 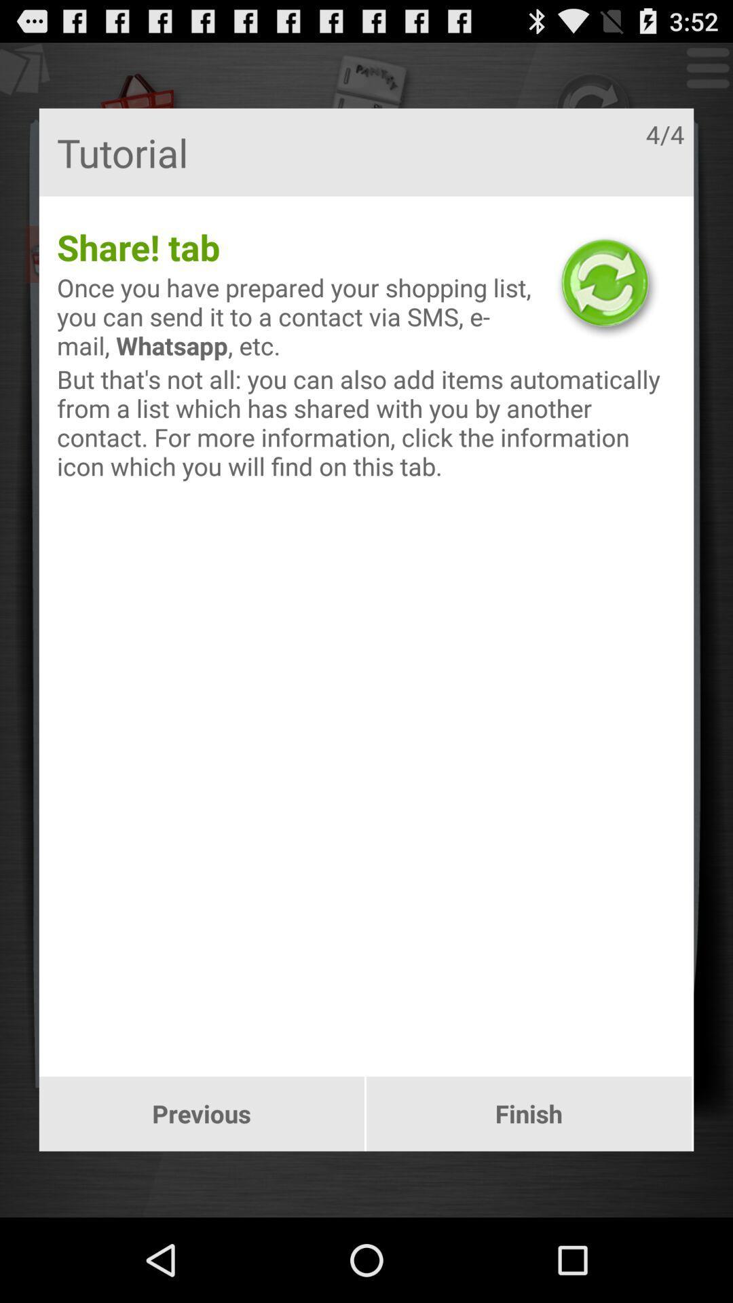 I want to click on the button next to the previous button, so click(x=528, y=1114).